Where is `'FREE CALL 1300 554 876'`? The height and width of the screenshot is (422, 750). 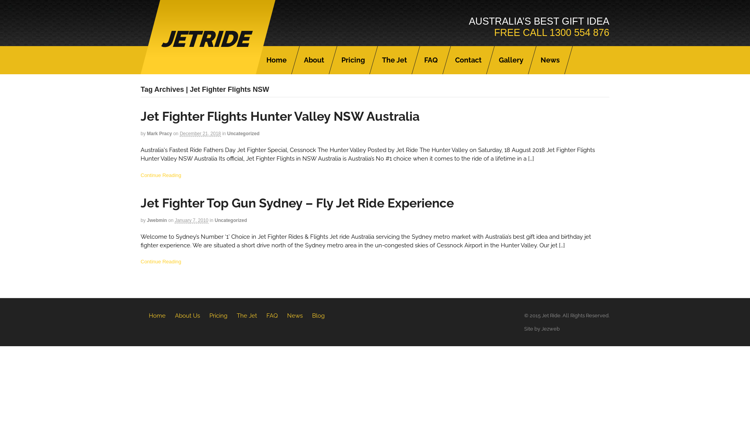
'FREE CALL 1300 554 876' is located at coordinates (551, 32).